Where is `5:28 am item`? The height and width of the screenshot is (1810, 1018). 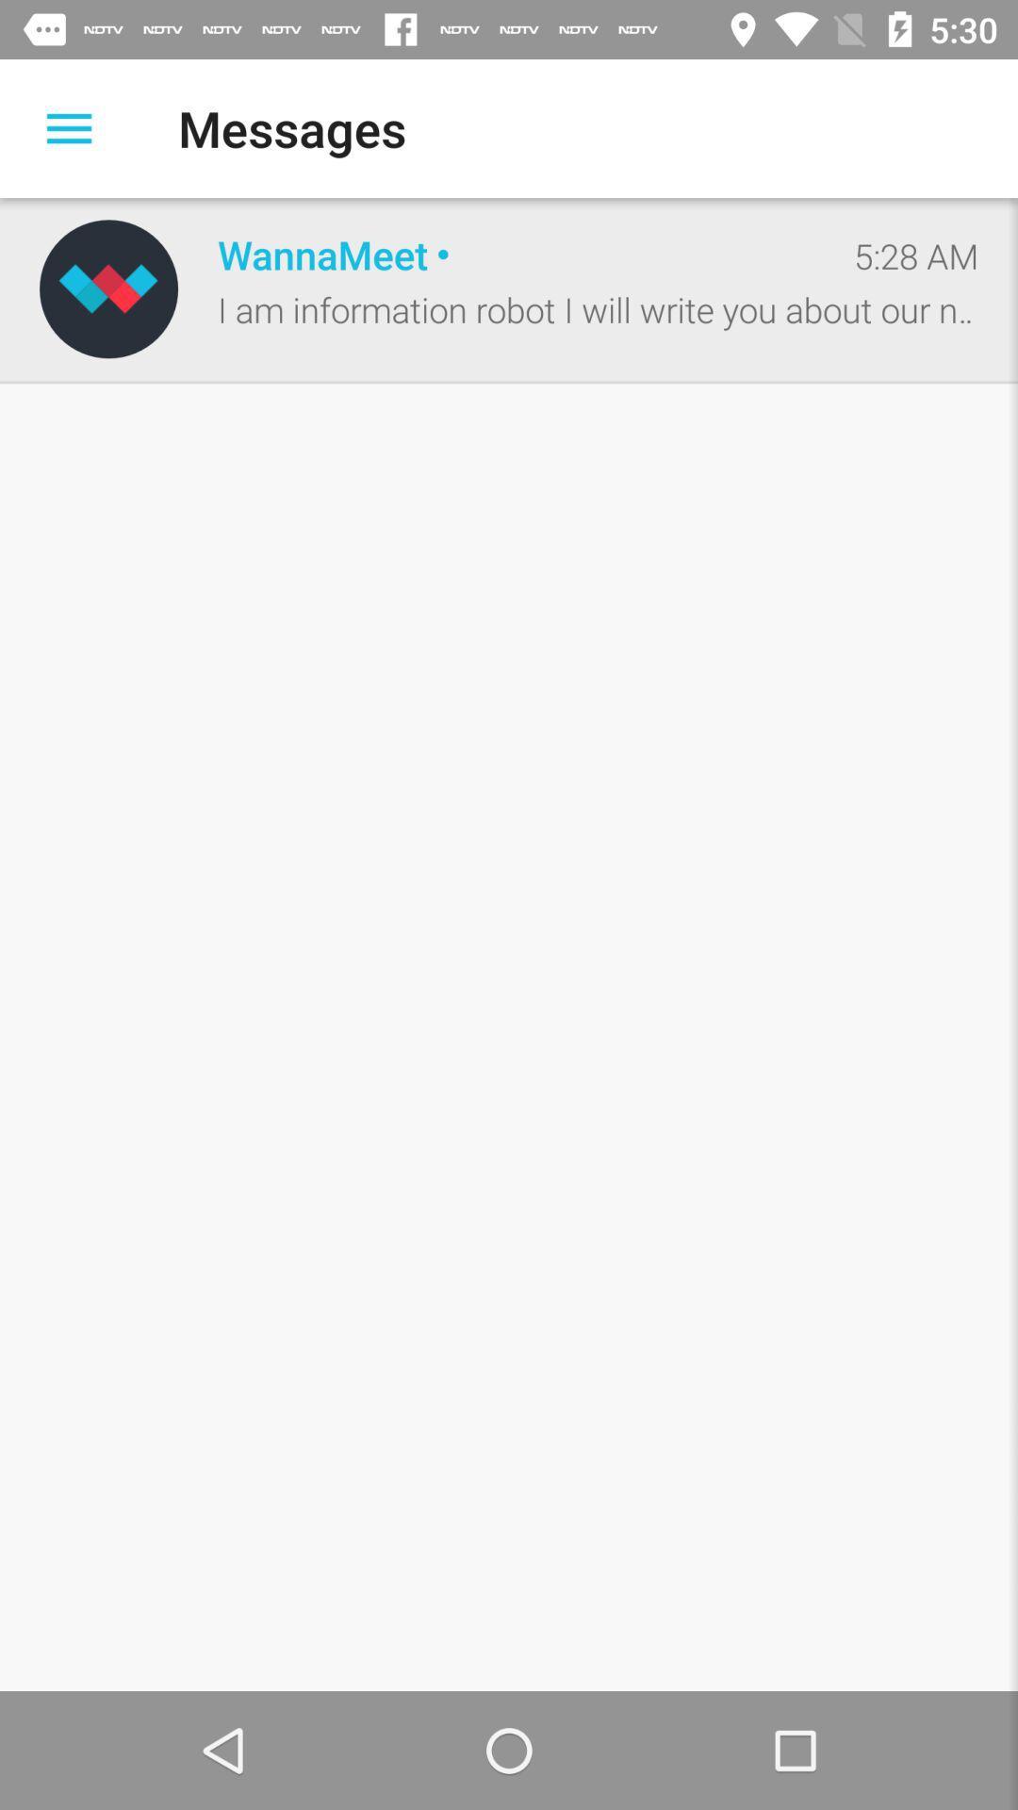 5:28 am item is located at coordinates (915, 255).